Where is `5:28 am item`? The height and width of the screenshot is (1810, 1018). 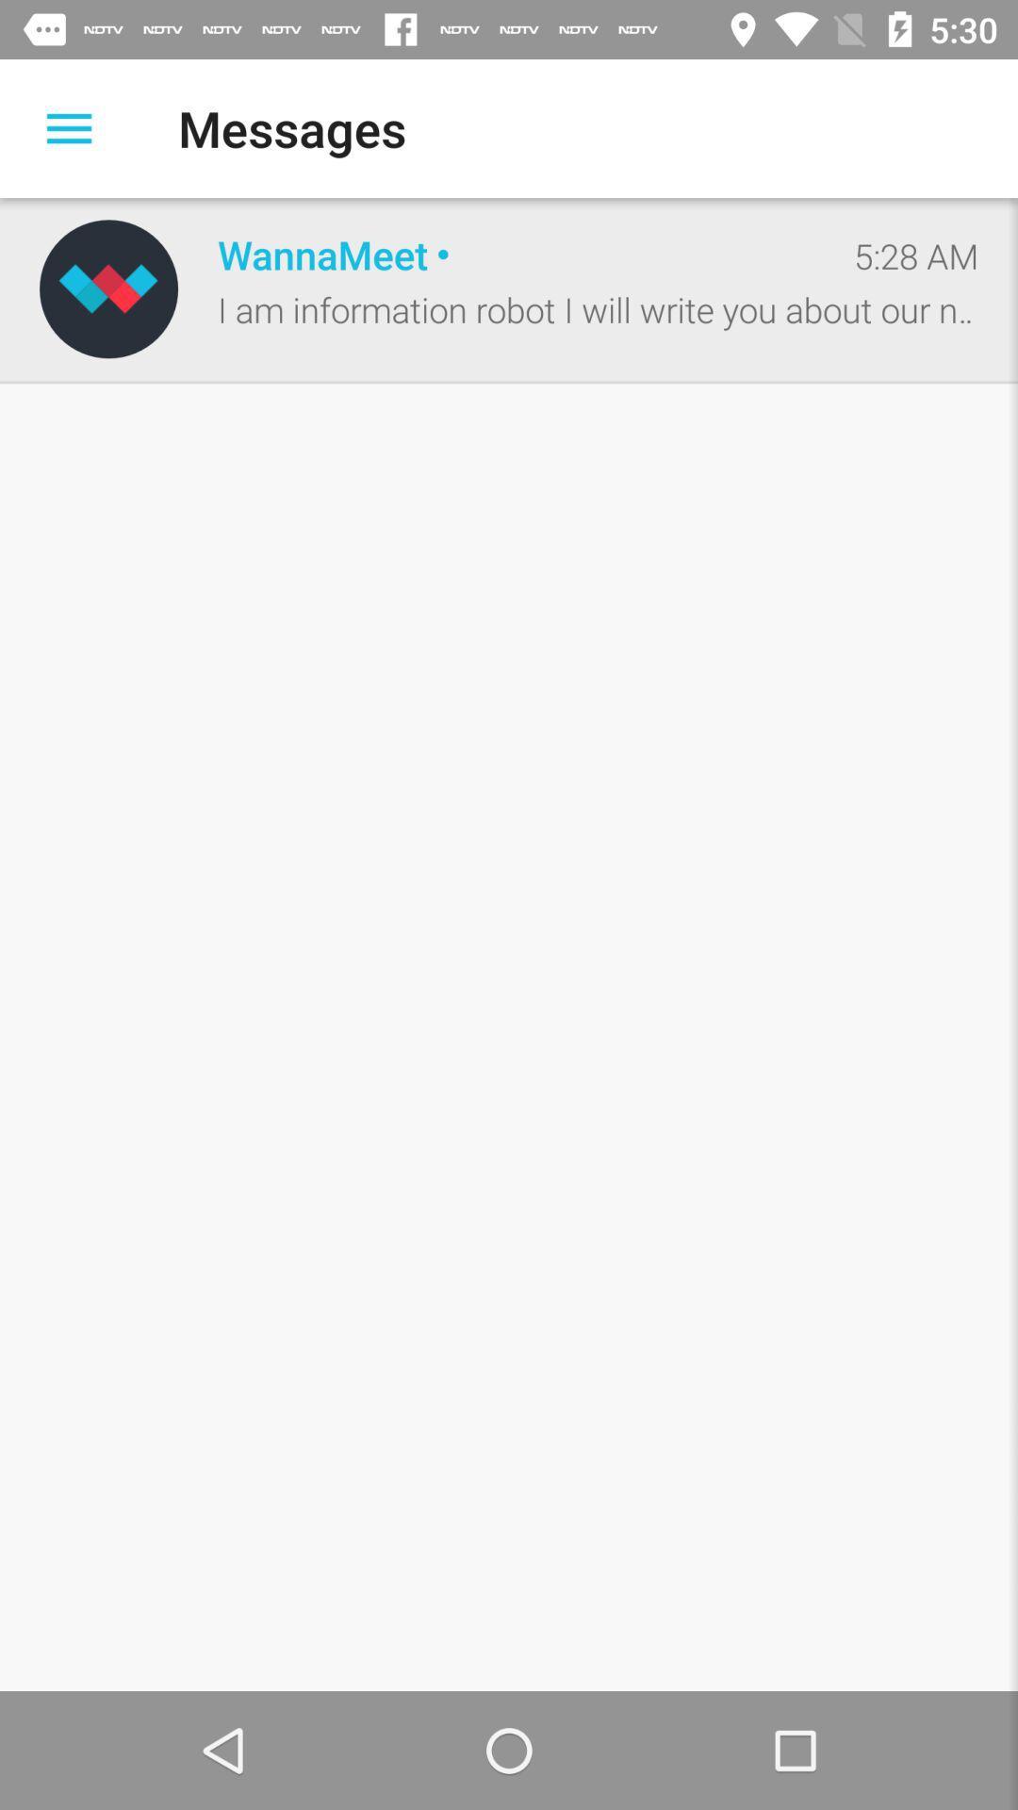 5:28 am item is located at coordinates (915, 255).